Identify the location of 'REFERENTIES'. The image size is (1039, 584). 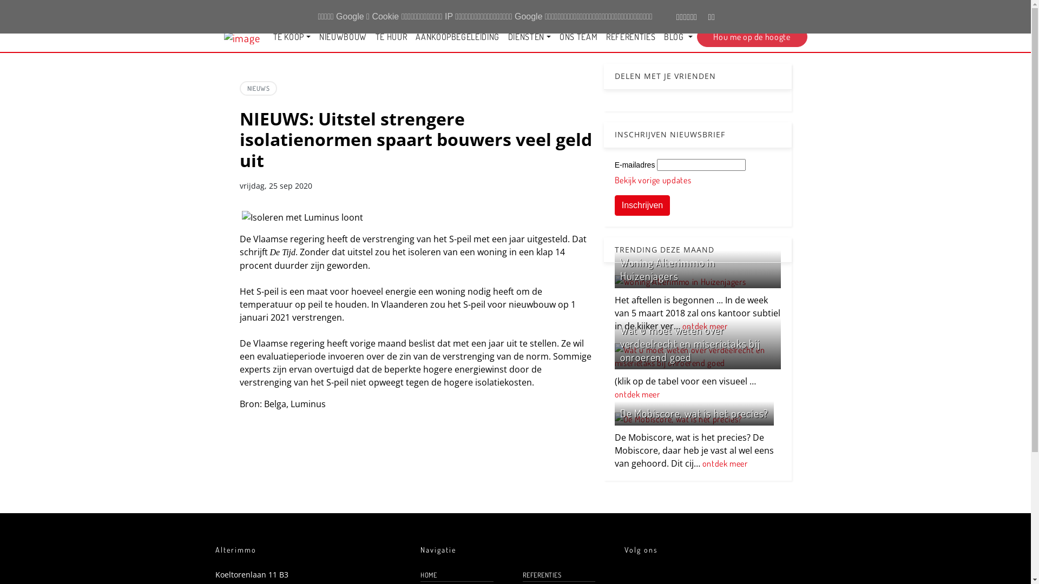
(558, 574).